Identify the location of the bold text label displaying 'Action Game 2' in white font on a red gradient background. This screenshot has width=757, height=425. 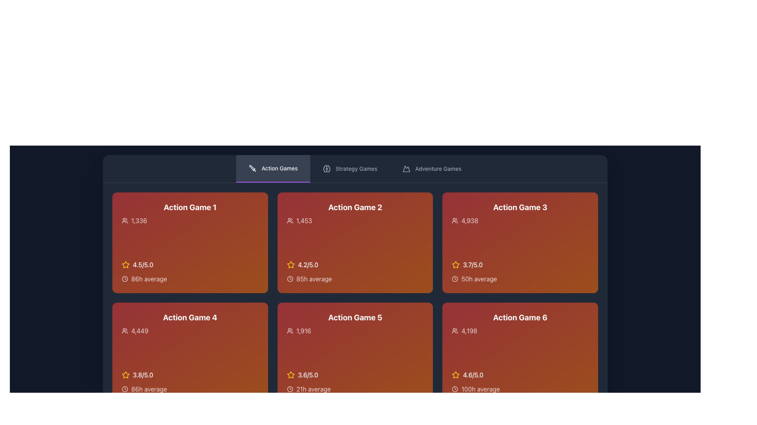
(355, 207).